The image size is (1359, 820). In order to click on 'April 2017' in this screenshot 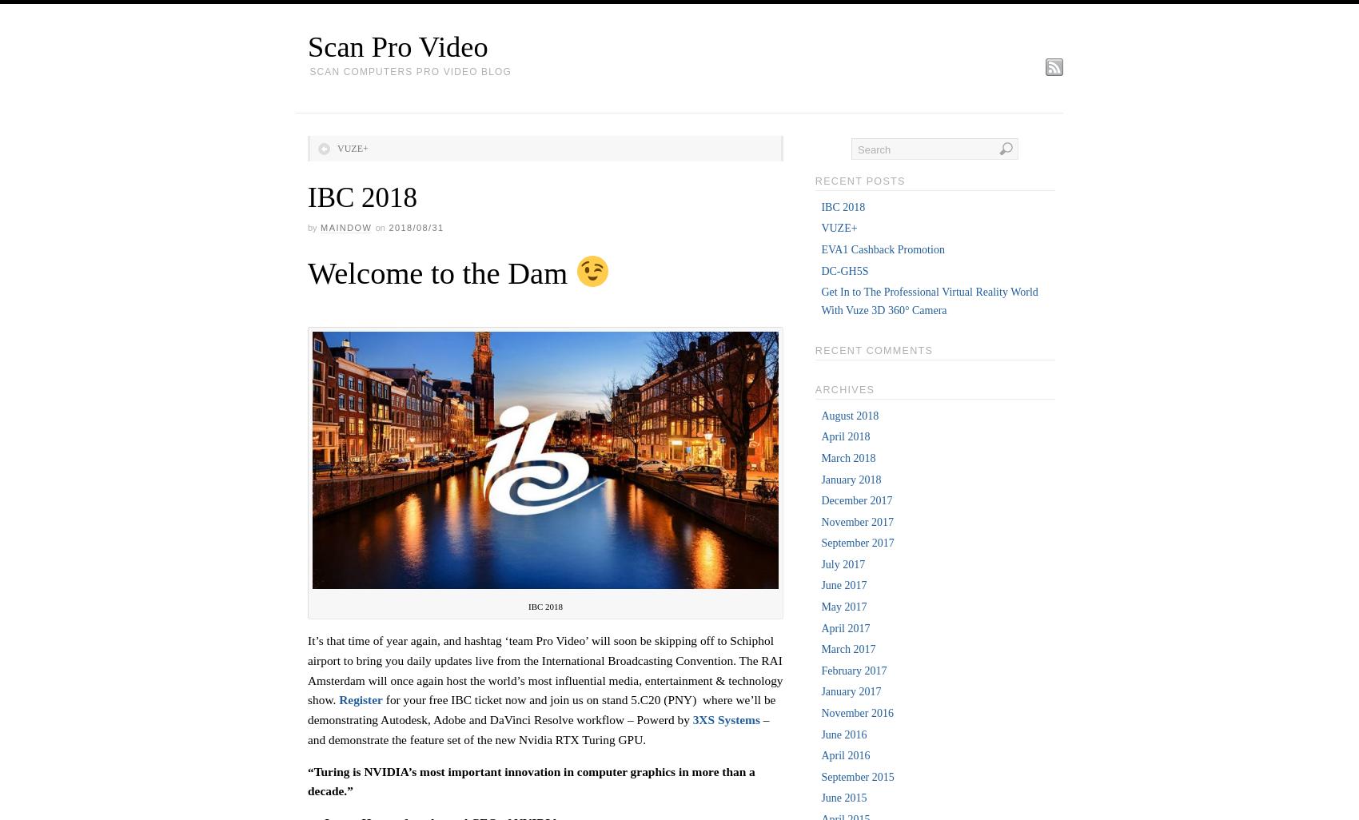, I will do `click(819, 627)`.